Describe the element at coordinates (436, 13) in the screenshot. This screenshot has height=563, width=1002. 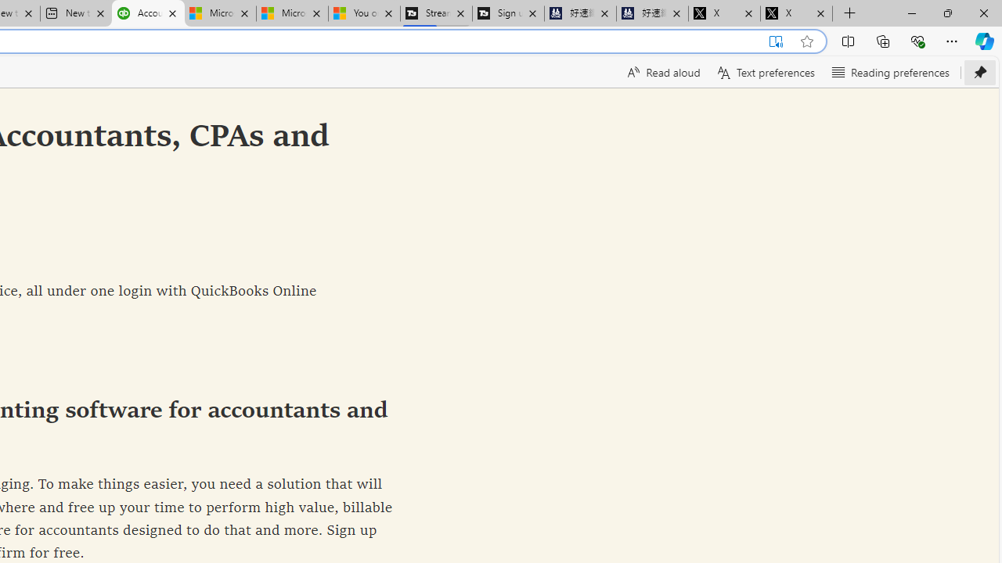
I see `'Streaming Coverage | T3'` at that location.